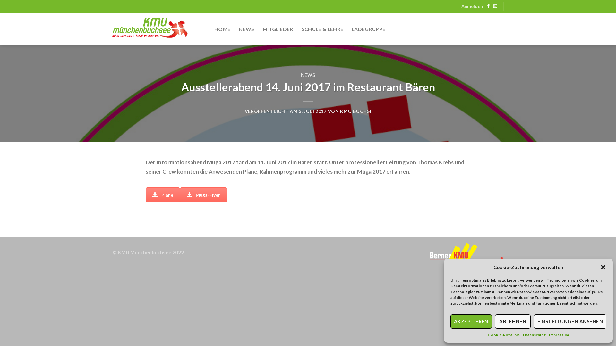 Image resolution: width=616 pixels, height=346 pixels. Describe the element at coordinates (570, 321) in the screenshot. I see `'EINSTELLUNGEN ANSEHEN'` at that location.